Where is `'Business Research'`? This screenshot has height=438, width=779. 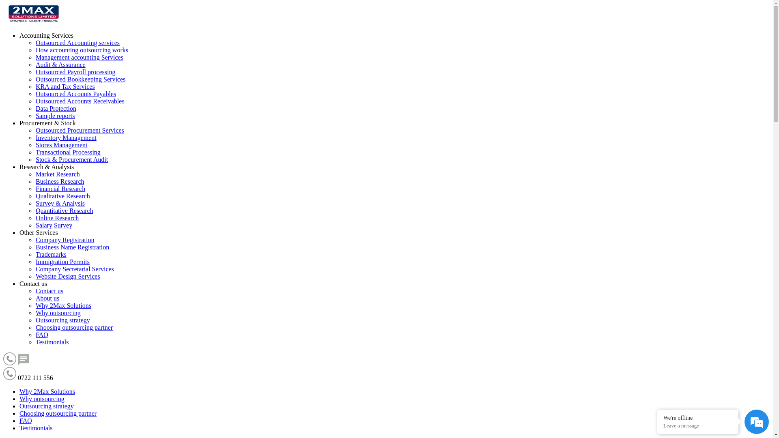 'Business Research' is located at coordinates (60, 181).